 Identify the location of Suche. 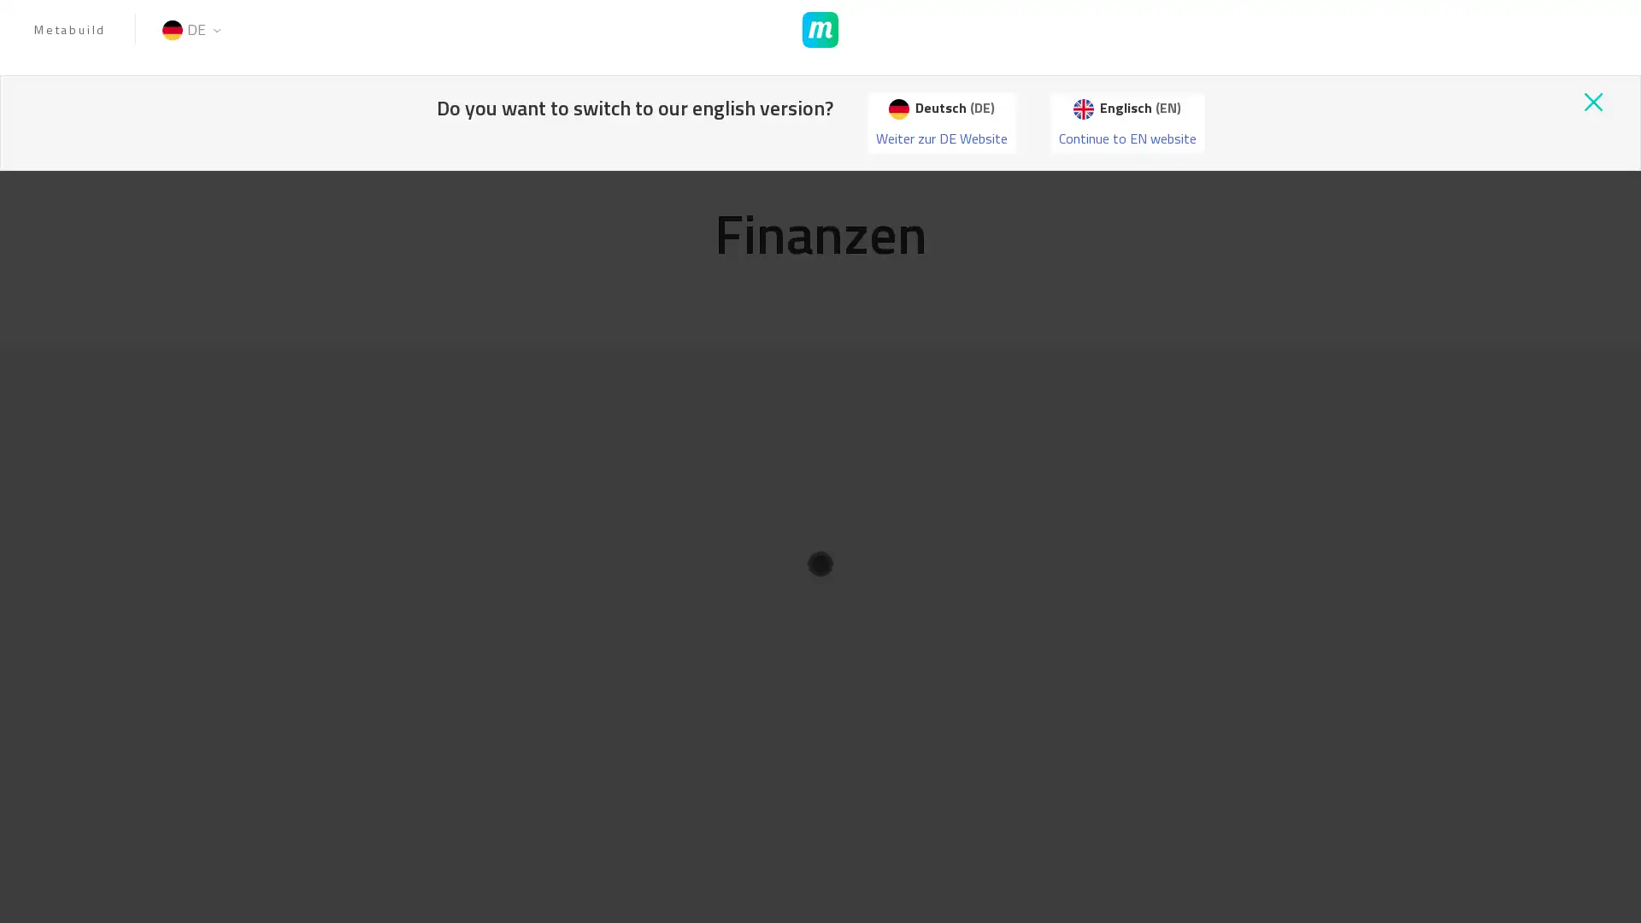
(1116, 96).